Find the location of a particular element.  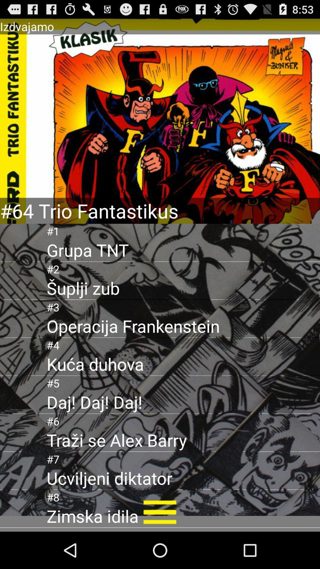

the menu icon is located at coordinates (159, 548).